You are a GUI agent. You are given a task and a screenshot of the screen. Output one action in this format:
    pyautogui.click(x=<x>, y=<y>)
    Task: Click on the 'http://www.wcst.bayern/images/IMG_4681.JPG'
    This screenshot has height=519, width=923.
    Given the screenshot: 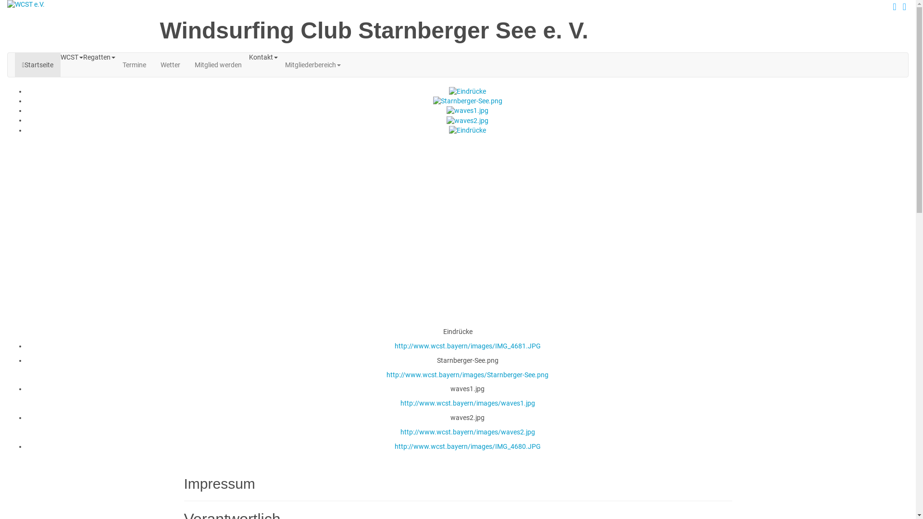 What is the action you would take?
    pyautogui.click(x=467, y=346)
    